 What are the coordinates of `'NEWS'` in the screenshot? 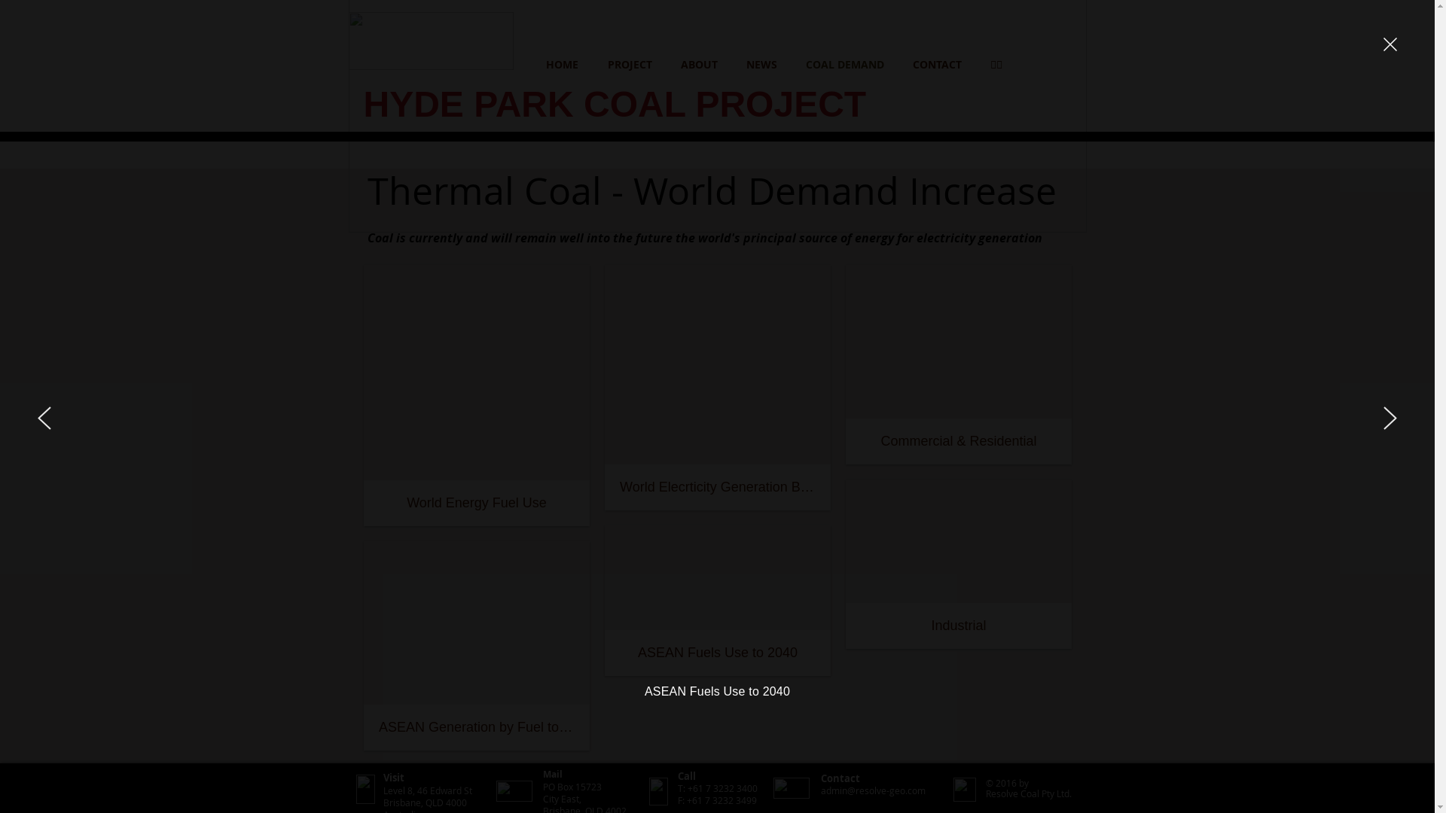 It's located at (761, 63).